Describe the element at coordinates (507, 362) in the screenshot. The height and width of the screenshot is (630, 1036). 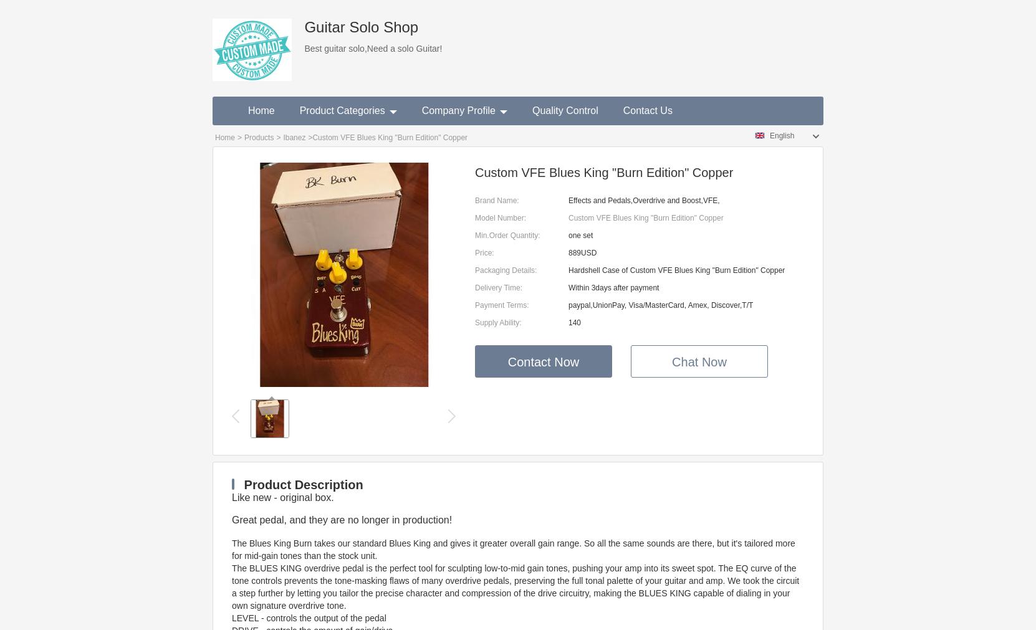
I see `'Contact Now'` at that location.